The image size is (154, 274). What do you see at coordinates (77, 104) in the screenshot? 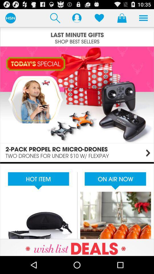
I see `see today 's discounts` at bounding box center [77, 104].